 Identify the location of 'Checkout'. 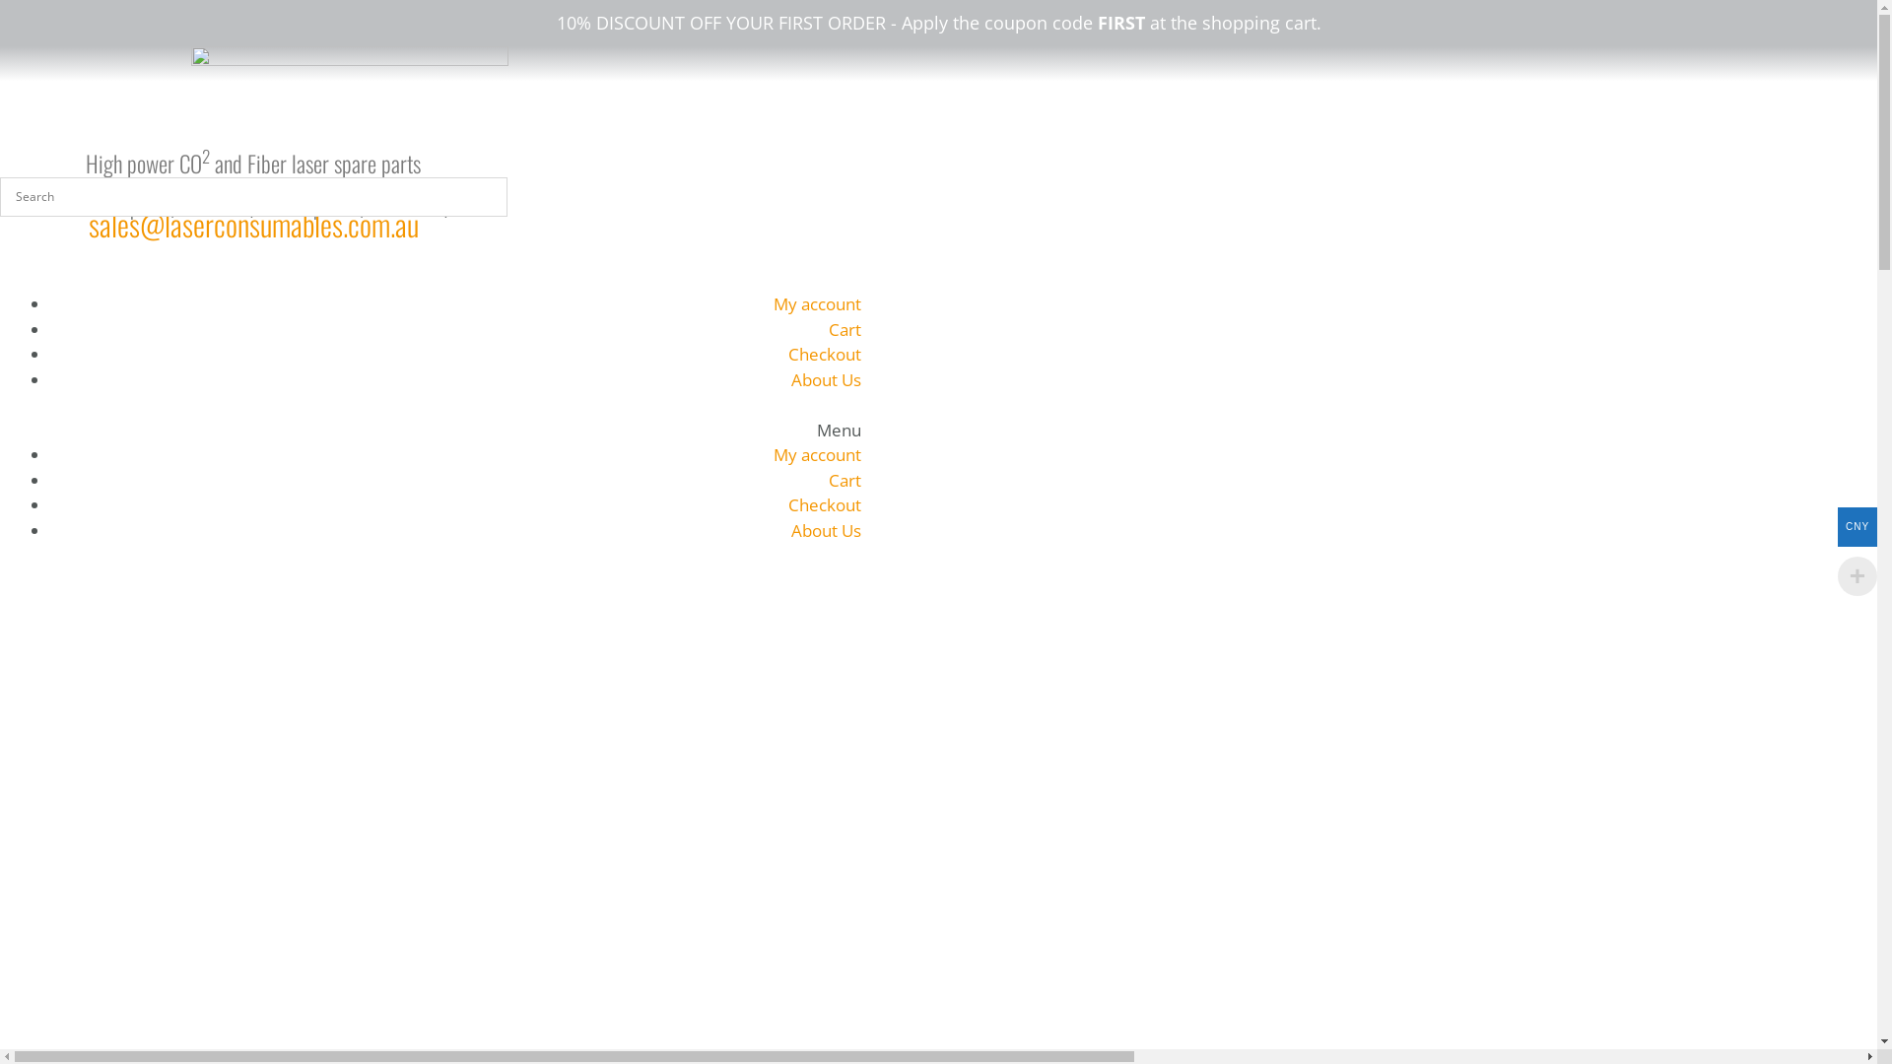
(788, 353).